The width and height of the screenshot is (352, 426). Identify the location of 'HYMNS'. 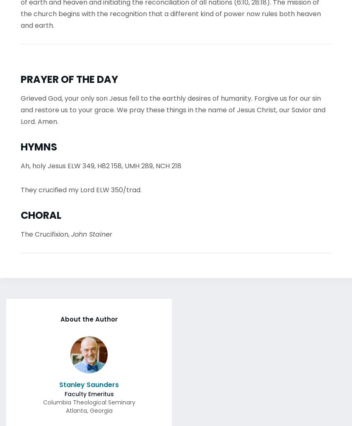
(39, 144).